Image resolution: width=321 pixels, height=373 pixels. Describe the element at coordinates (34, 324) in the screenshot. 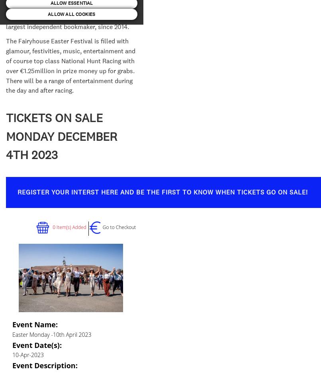

I see `'Event Name:'` at that location.